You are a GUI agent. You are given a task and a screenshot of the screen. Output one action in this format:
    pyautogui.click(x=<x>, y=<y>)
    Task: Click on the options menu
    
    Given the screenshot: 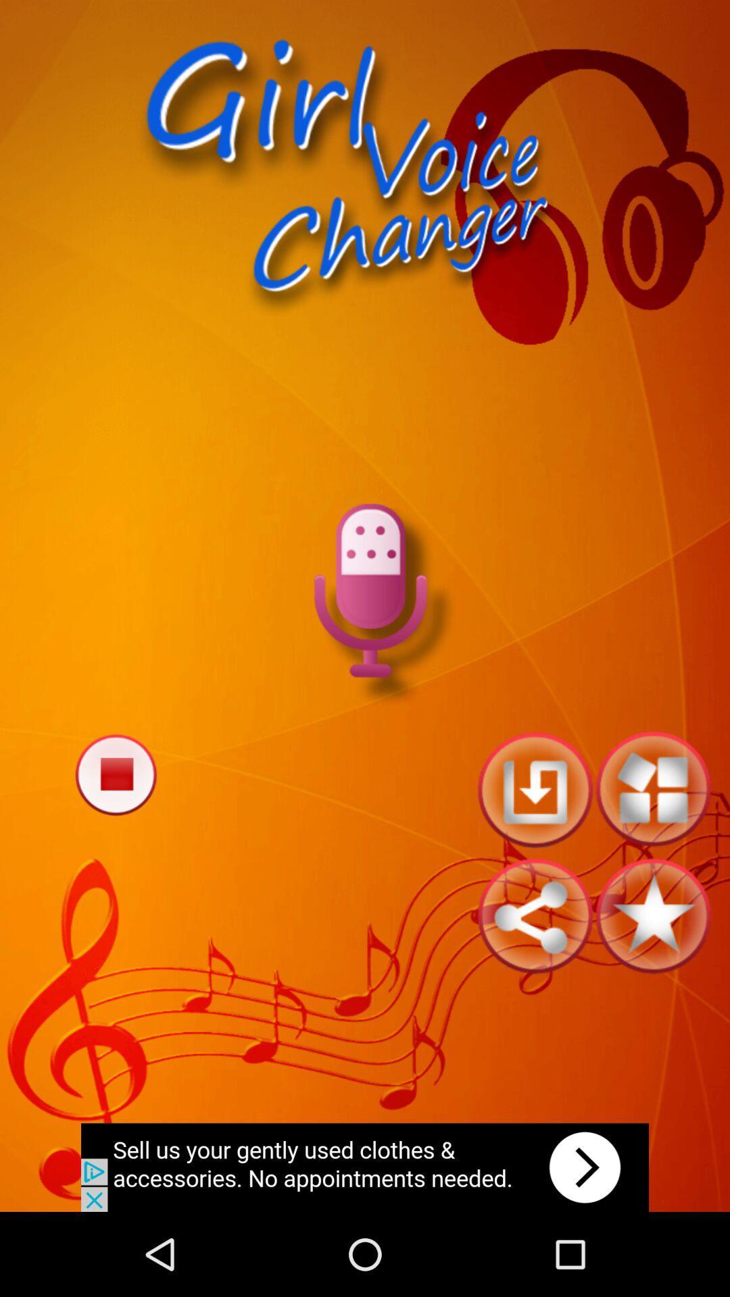 What is the action you would take?
    pyautogui.click(x=652, y=789)
    